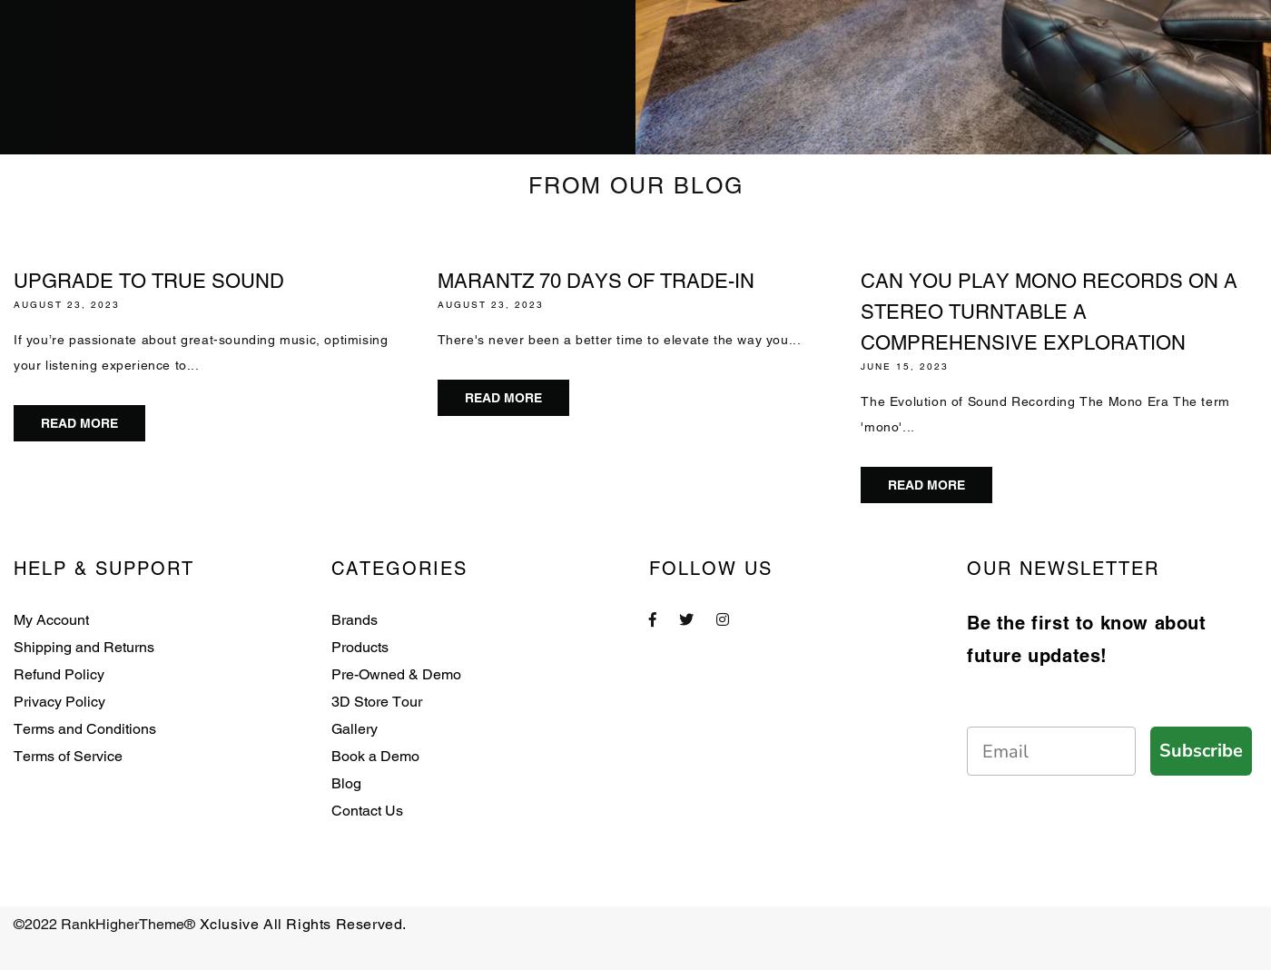 Image resolution: width=1271 pixels, height=970 pixels. Describe the element at coordinates (51, 619) in the screenshot. I see `'My Account'` at that location.